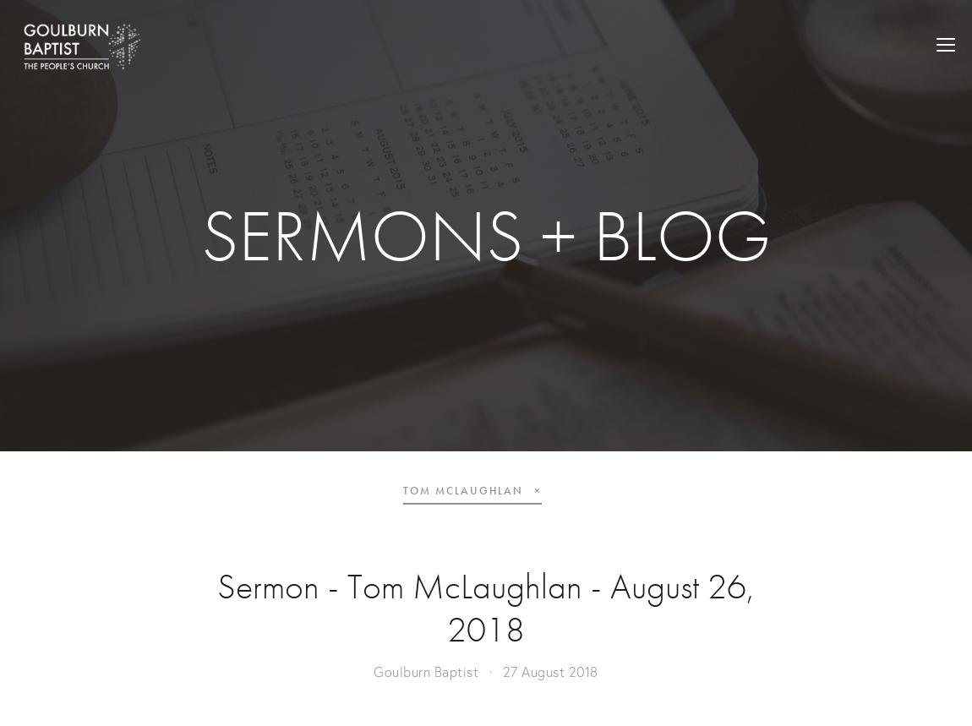 This screenshot has width=972, height=726. What do you see at coordinates (806, 116) in the screenshot?
I see `'BELIEVE'` at bounding box center [806, 116].